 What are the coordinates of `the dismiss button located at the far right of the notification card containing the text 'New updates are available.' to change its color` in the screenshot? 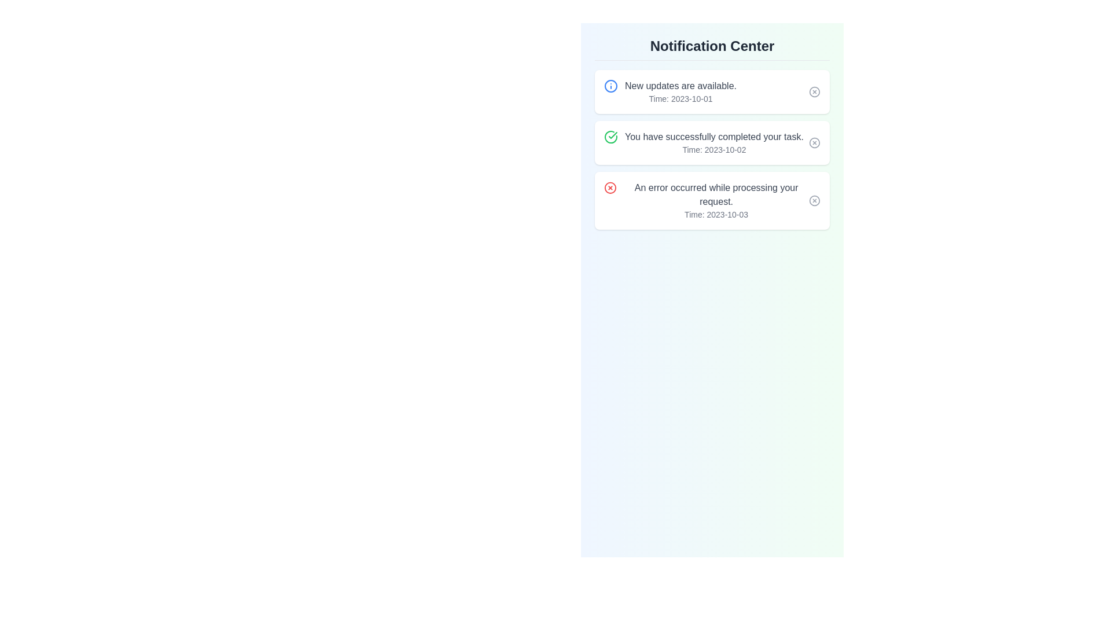 It's located at (814, 91).